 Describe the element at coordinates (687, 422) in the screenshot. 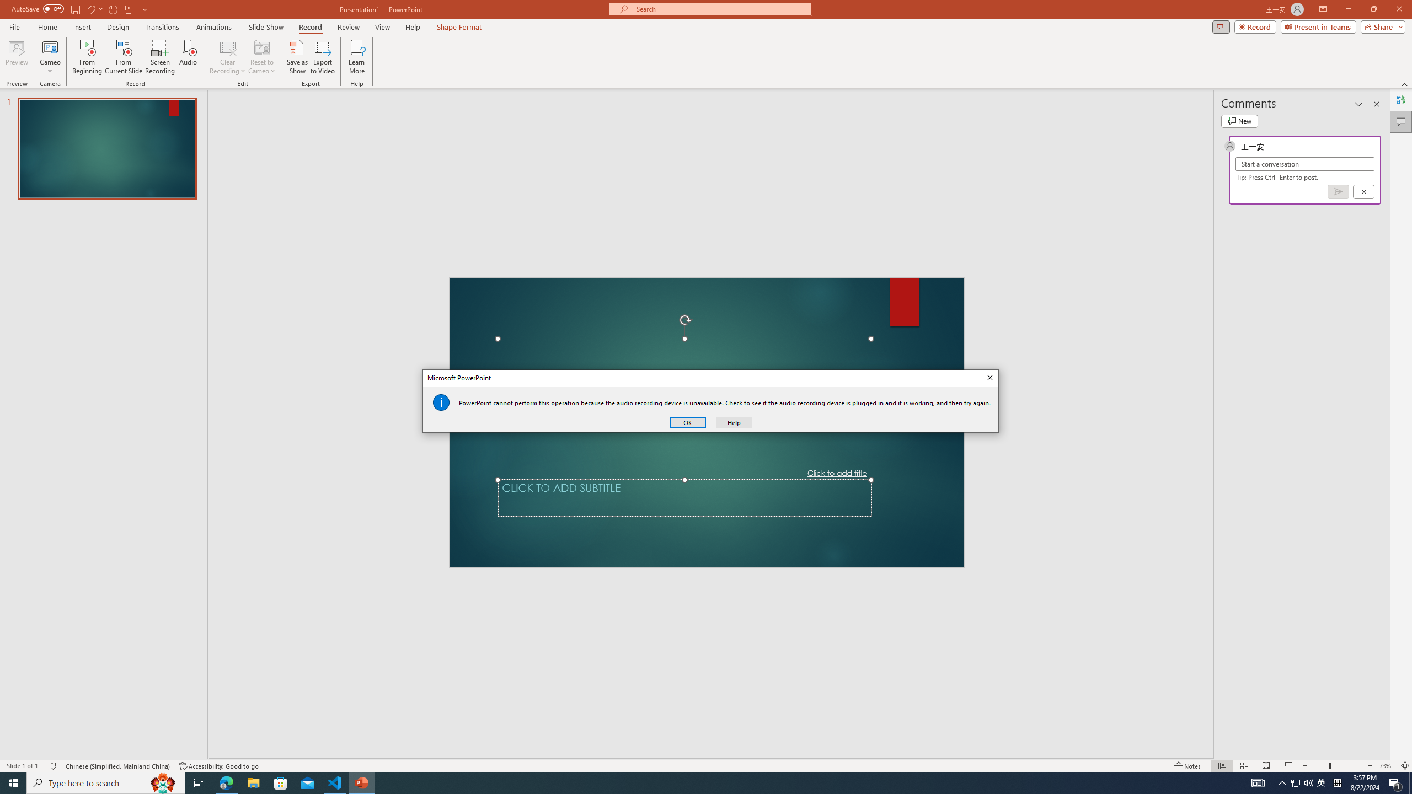

I see `'OK'` at that location.